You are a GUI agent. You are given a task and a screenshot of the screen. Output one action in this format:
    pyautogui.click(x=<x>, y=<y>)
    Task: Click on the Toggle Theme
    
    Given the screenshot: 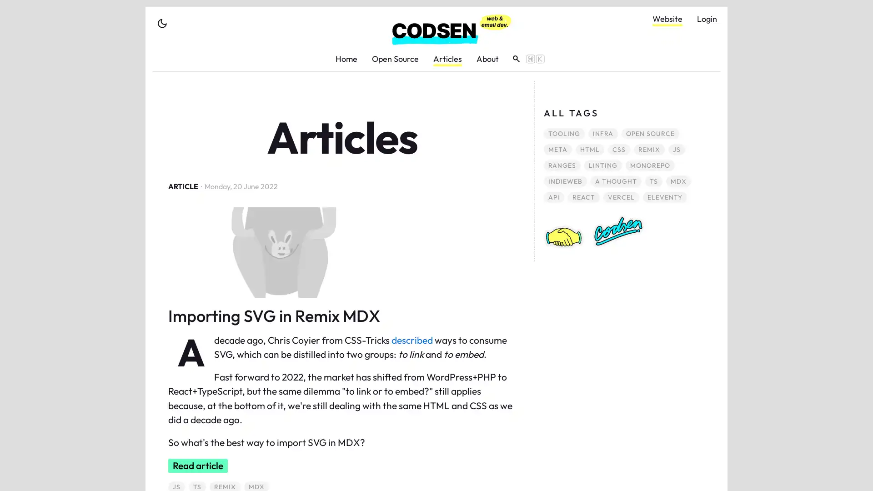 What is the action you would take?
    pyautogui.click(x=162, y=23)
    